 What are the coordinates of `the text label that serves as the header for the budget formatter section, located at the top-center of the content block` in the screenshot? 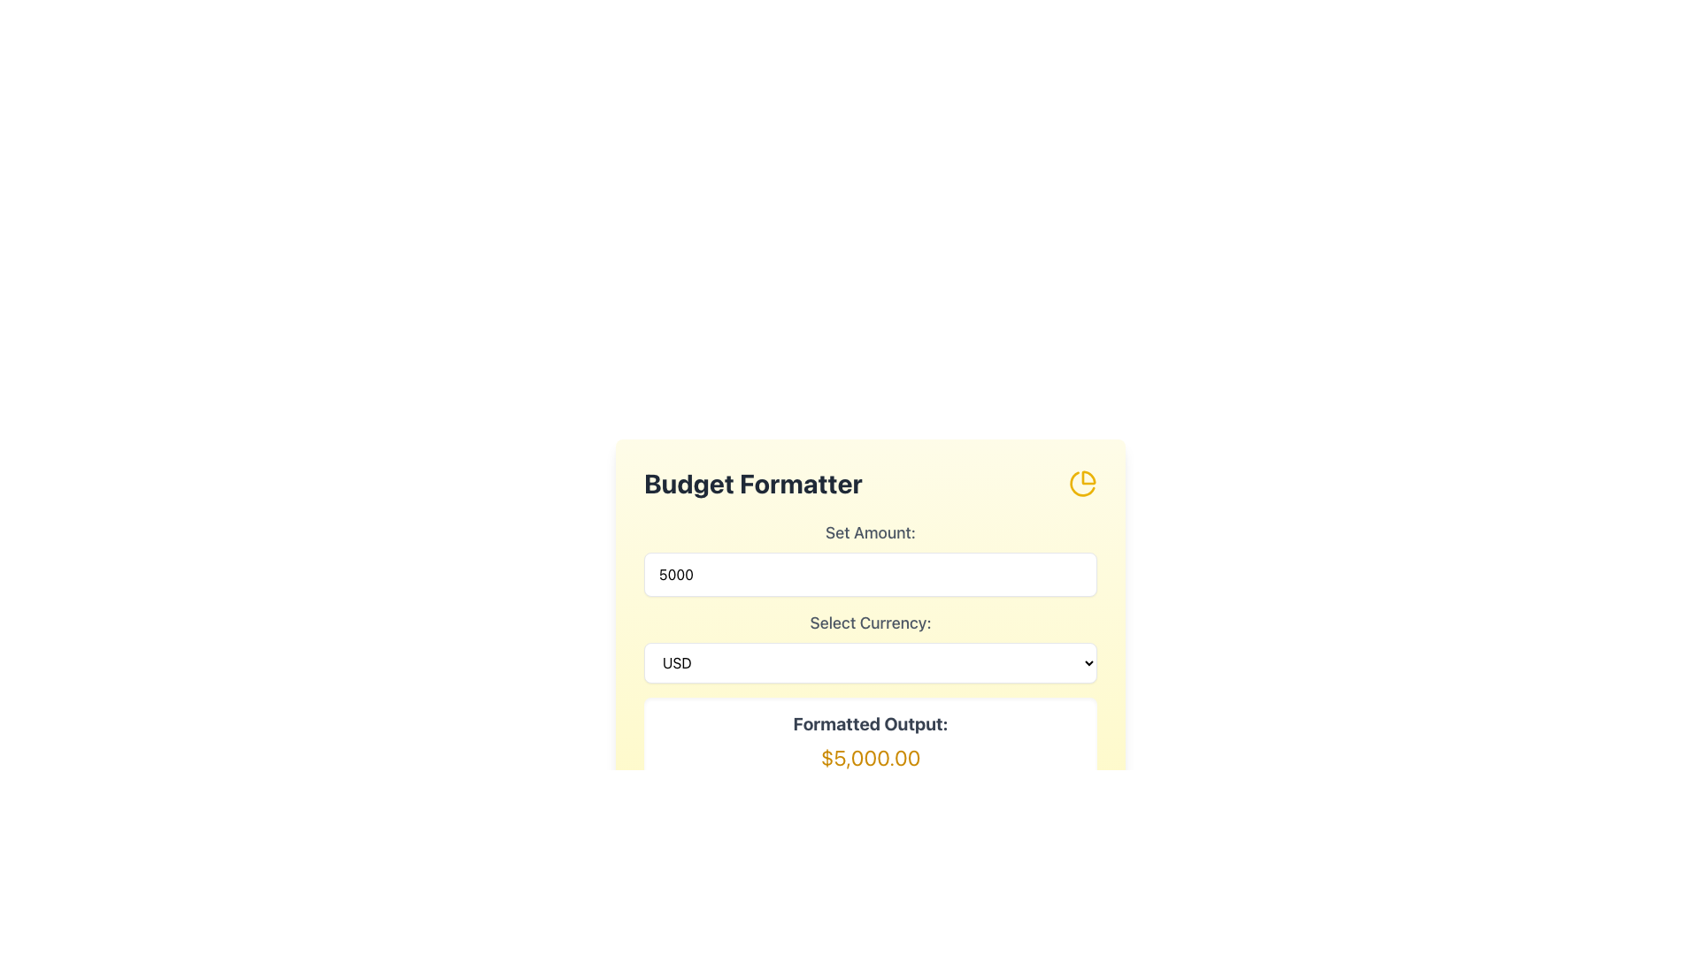 It's located at (753, 484).